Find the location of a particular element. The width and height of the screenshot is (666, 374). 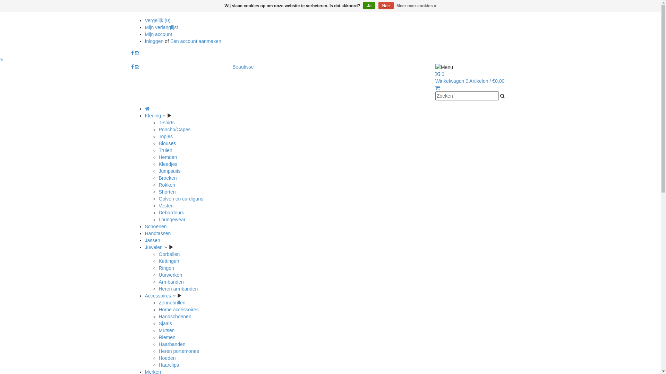

'Haarbanden' is located at coordinates (172, 344).